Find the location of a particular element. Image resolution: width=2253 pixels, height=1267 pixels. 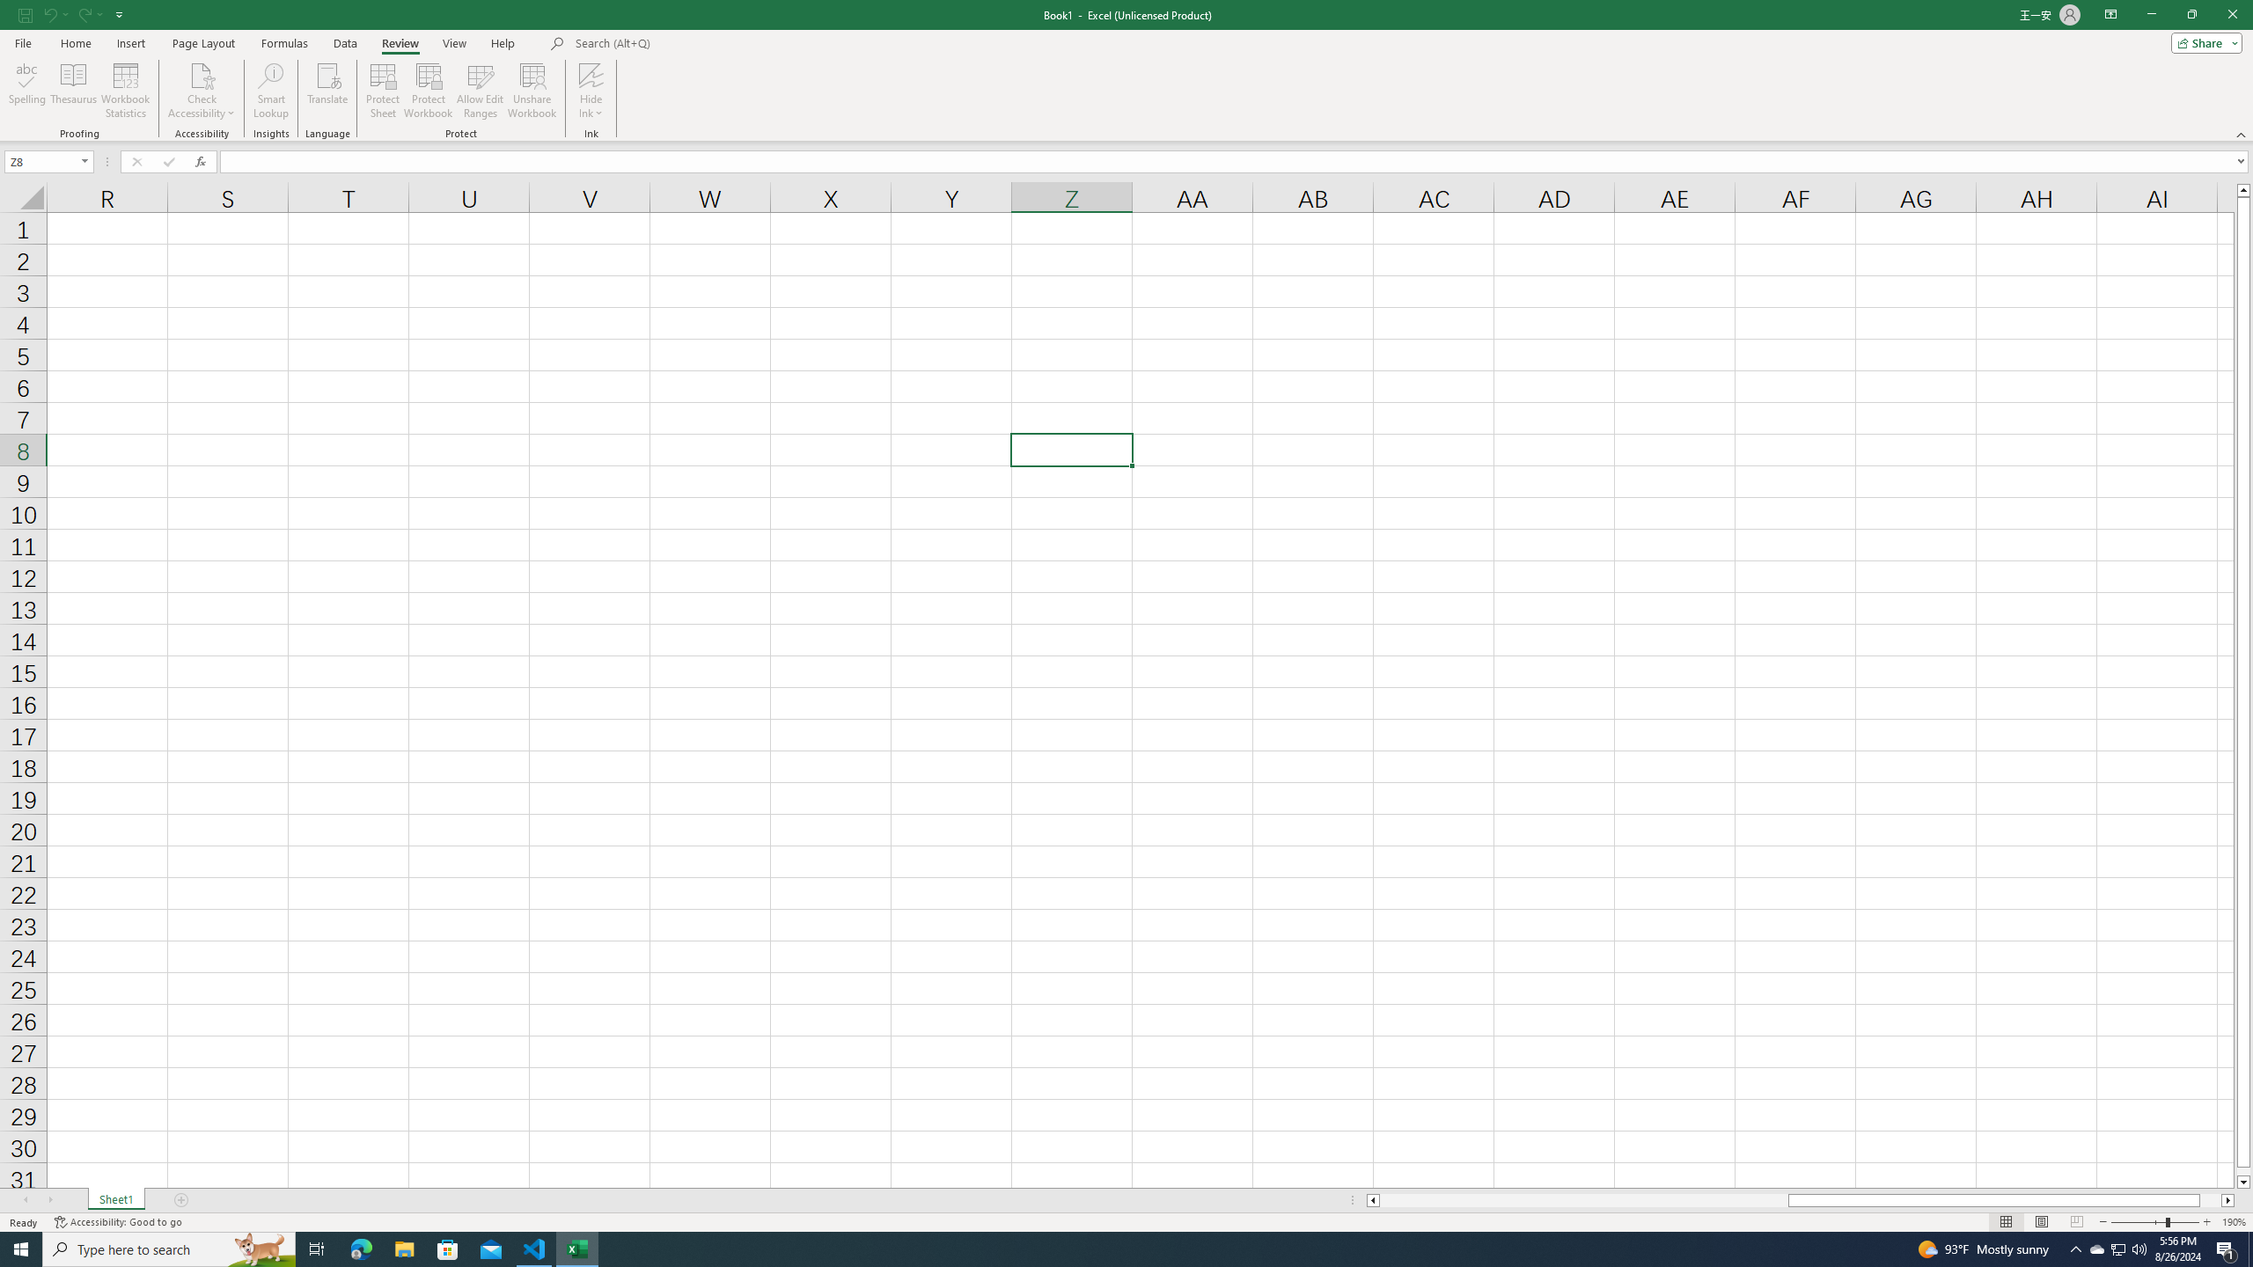

'Column right' is located at coordinates (2228, 1199).